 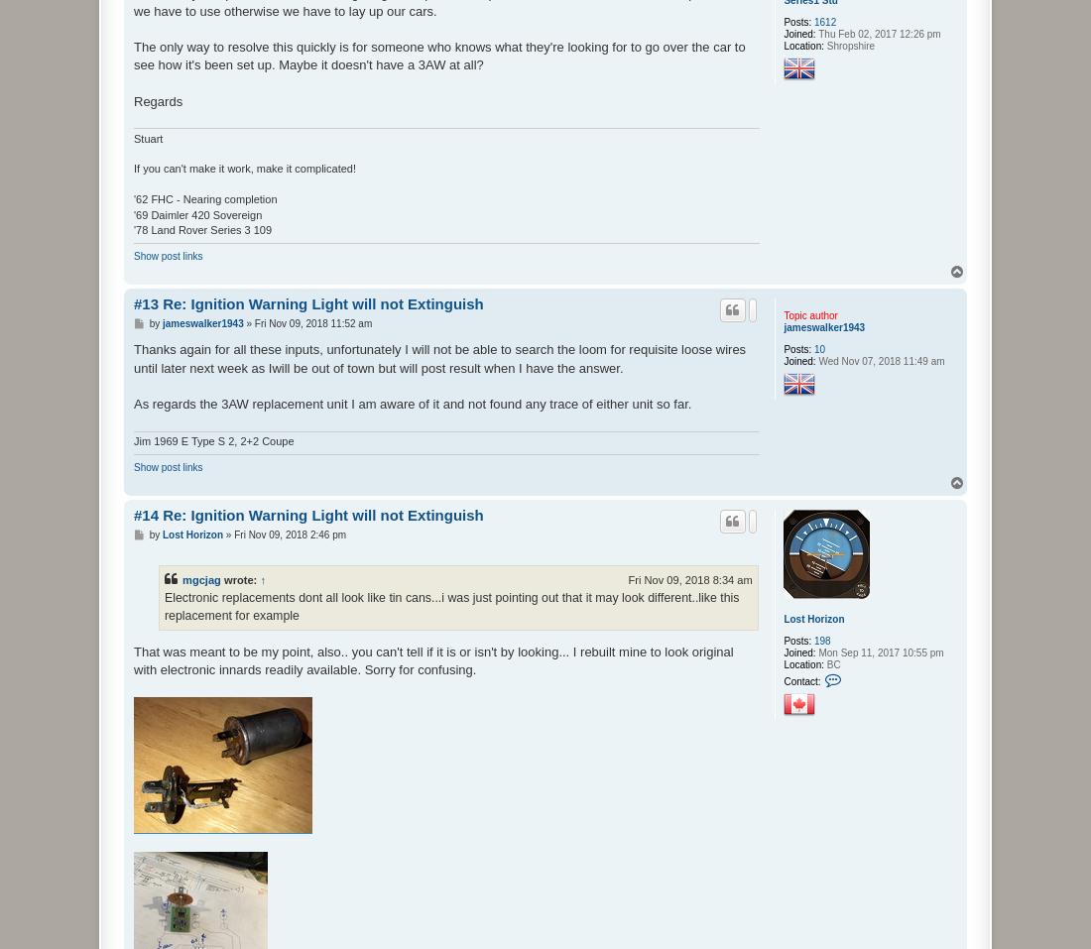 What do you see at coordinates (219, 577) in the screenshot?
I see `'wrote:'` at bounding box center [219, 577].